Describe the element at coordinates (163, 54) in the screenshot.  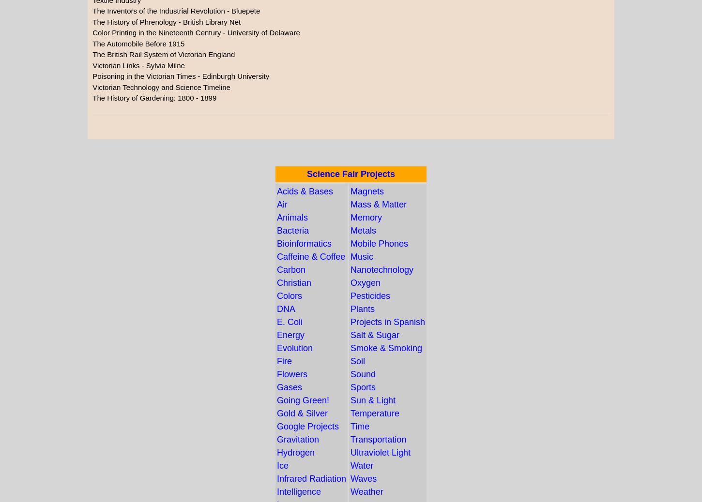
I see `'The British Rail System of Victorian England'` at that location.